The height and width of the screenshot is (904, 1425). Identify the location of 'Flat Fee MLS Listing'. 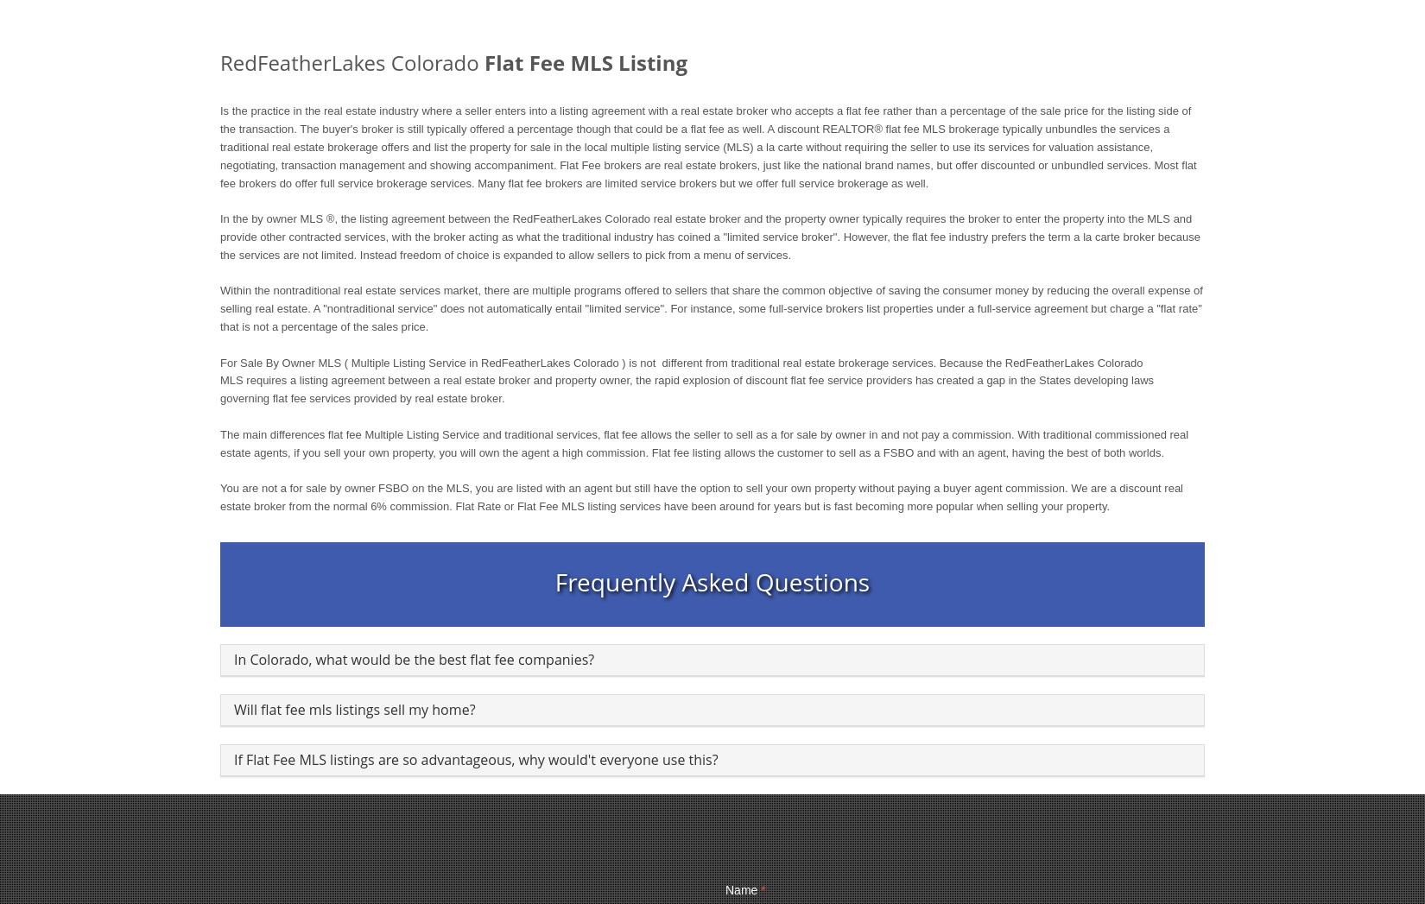
(581, 61).